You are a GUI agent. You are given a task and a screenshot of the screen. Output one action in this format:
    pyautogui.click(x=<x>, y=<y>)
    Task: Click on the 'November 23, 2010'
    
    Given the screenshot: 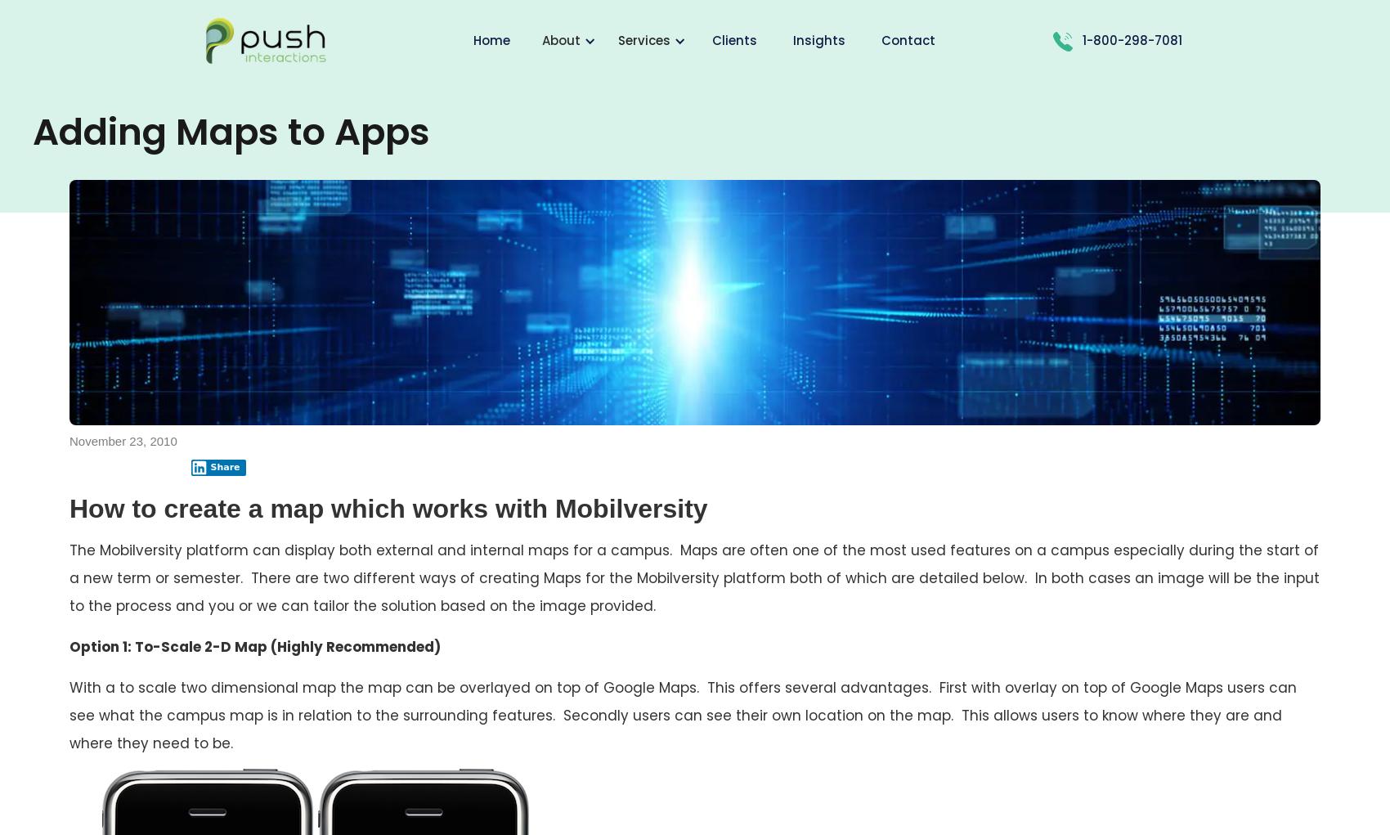 What is the action you would take?
    pyautogui.click(x=122, y=440)
    